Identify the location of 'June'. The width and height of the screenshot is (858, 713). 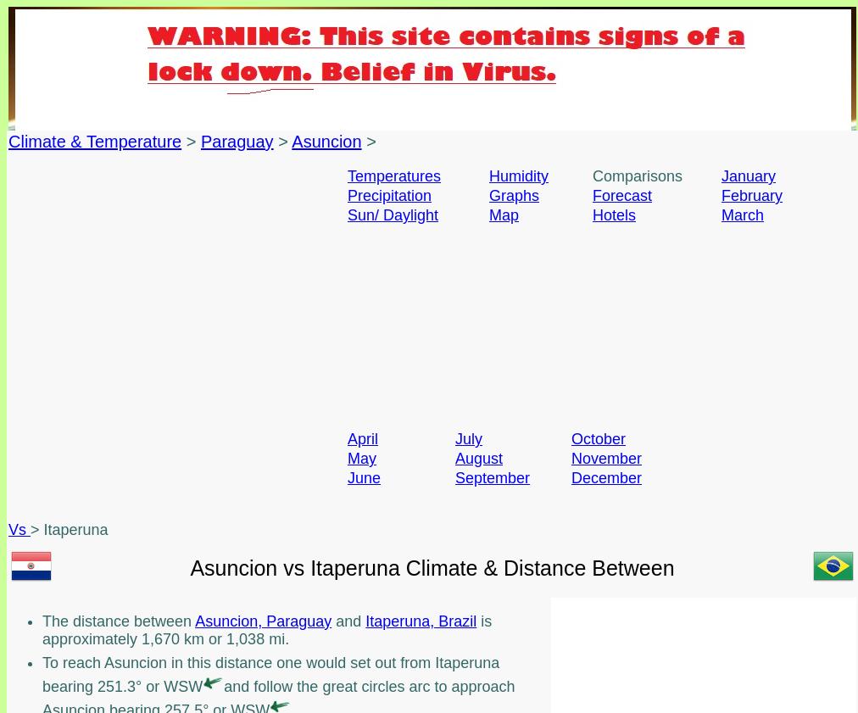
(364, 477).